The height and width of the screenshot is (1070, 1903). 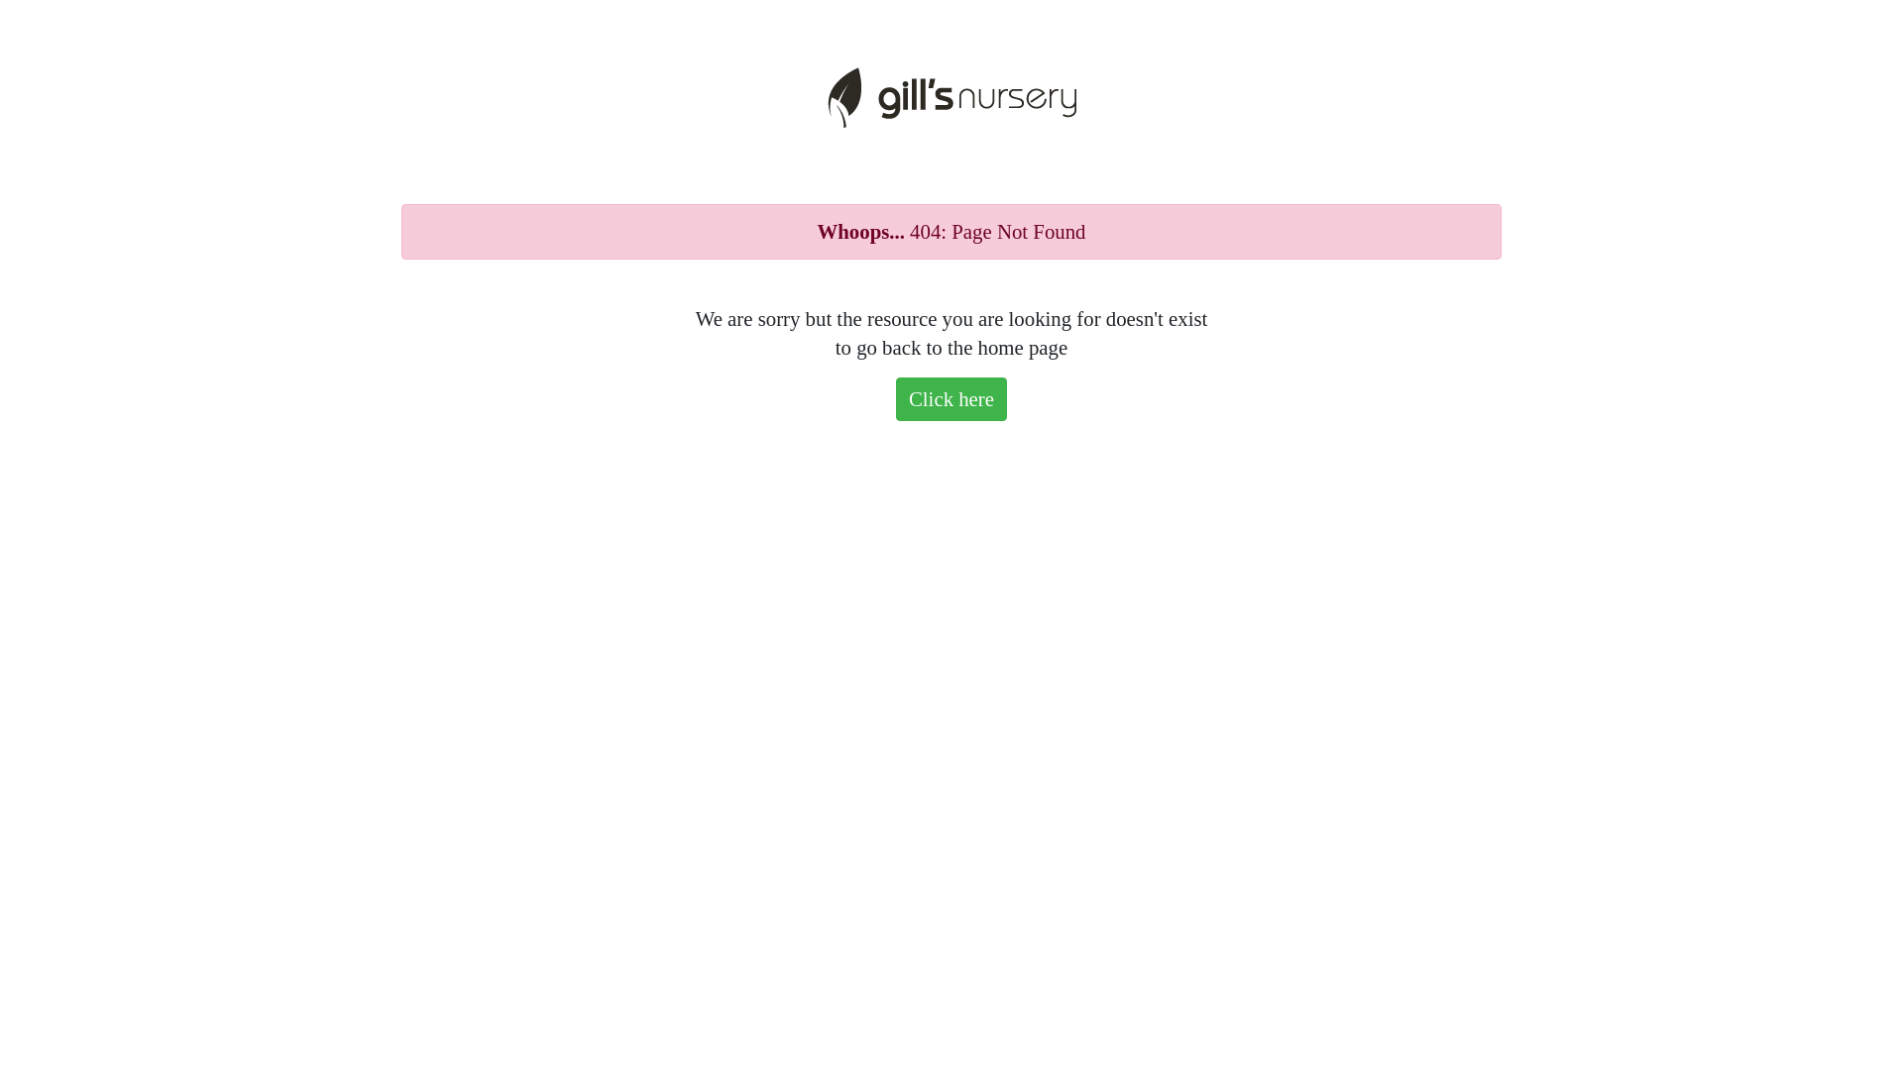 I want to click on 'Click here', so click(x=951, y=398).